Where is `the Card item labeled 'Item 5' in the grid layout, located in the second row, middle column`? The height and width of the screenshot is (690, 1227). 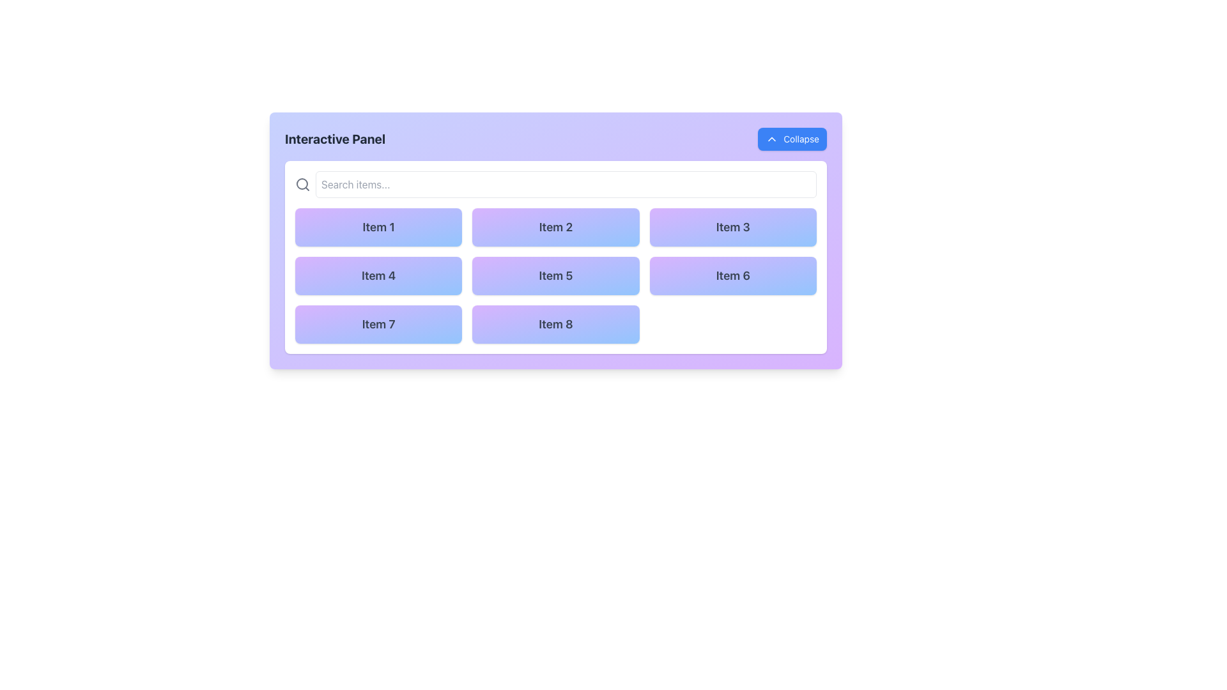
the Card item labeled 'Item 5' in the grid layout, located in the second row, middle column is located at coordinates (555, 275).